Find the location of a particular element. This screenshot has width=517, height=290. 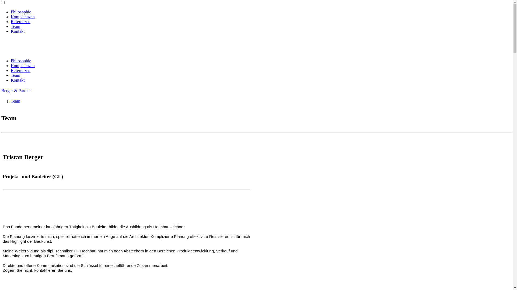

'Team' is located at coordinates (15, 101).